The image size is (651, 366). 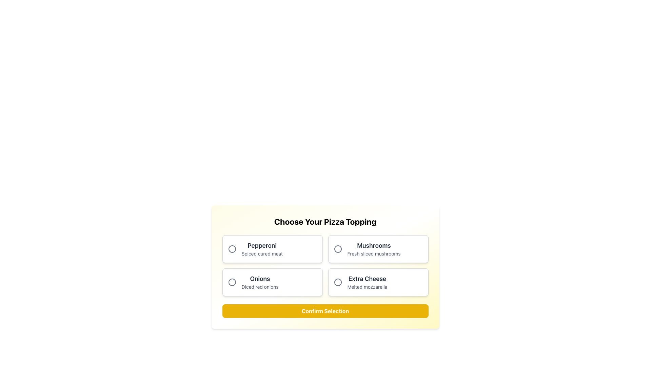 What do you see at coordinates (338, 282) in the screenshot?
I see `the circular radio button for 'Extra Cheese'` at bounding box center [338, 282].